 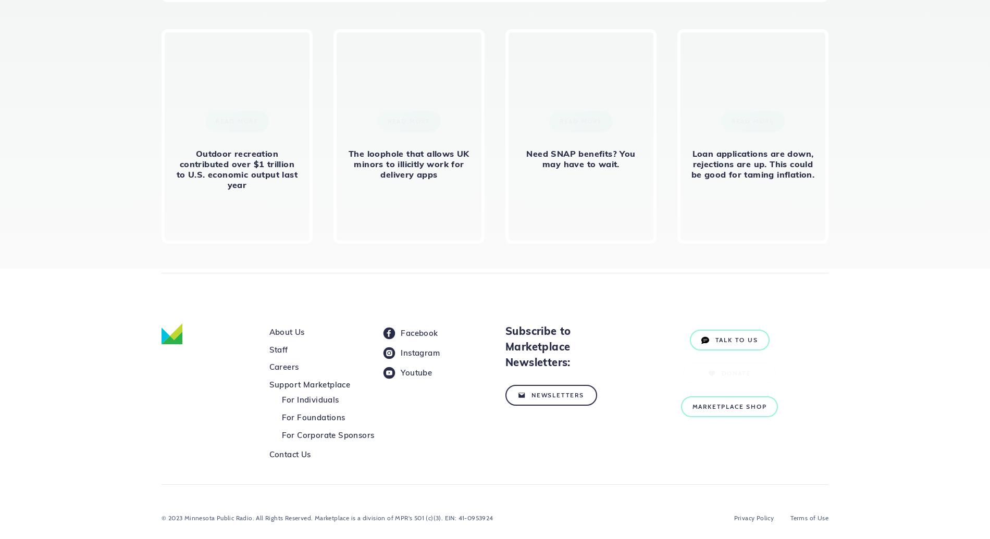 I want to click on 'Loan applications are down, rejections are up. This could be good for taming inflation.', so click(x=752, y=164).